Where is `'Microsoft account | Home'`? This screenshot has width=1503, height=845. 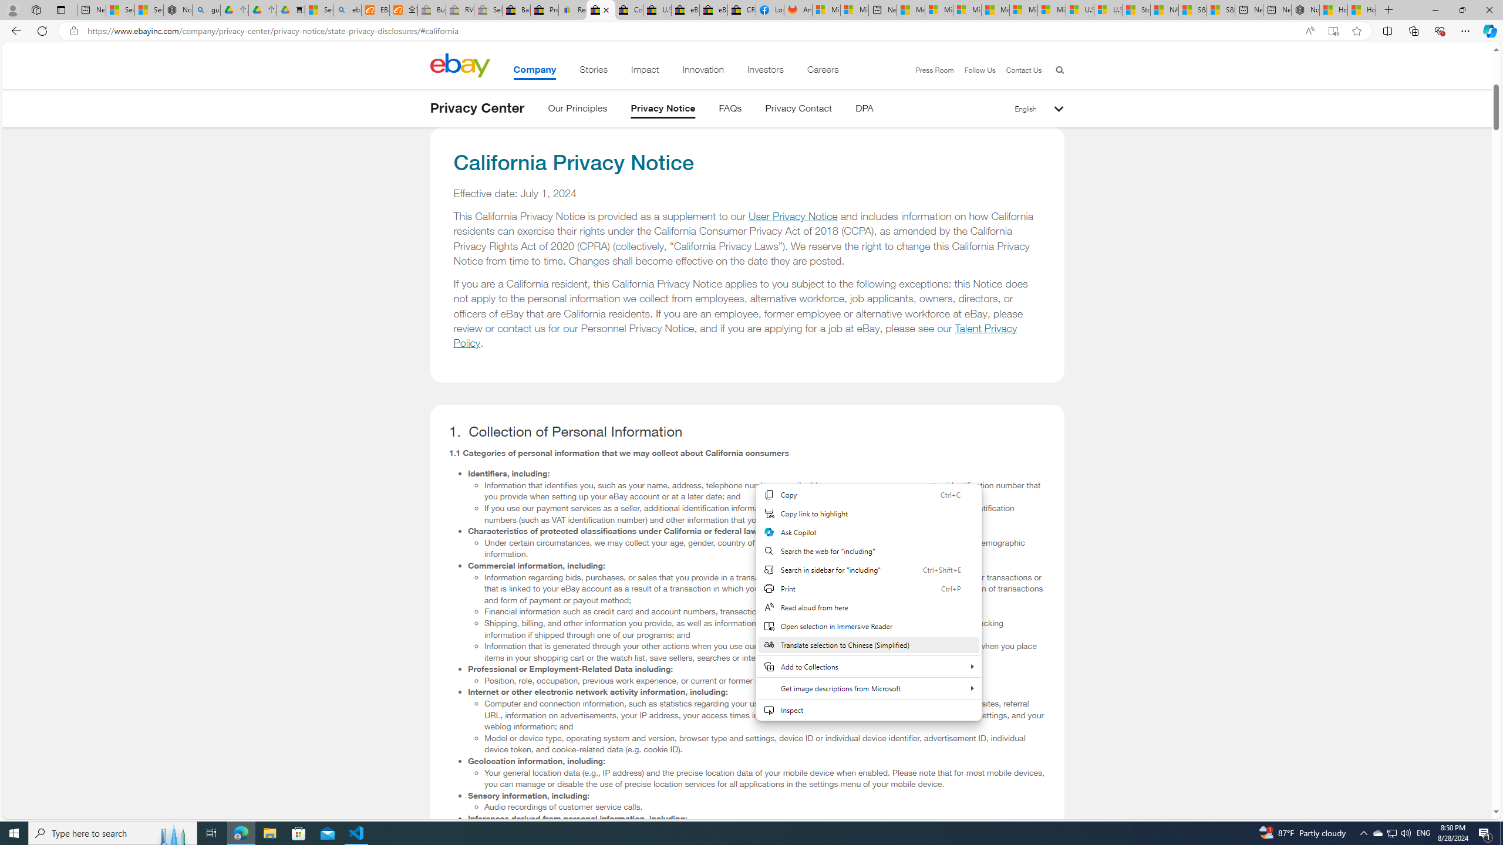 'Microsoft account | Home' is located at coordinates (966, 9).